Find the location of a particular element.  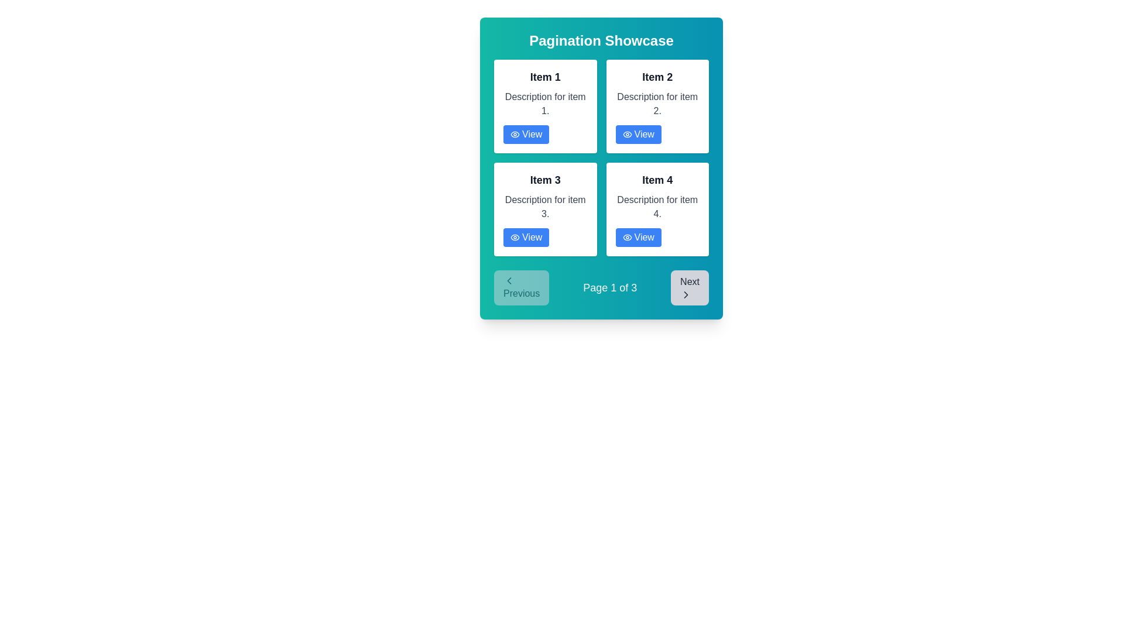

description of the Card presenting details about 'Item 2', located in the top-right corner of the grid layout is located at coordinates (657, 106).